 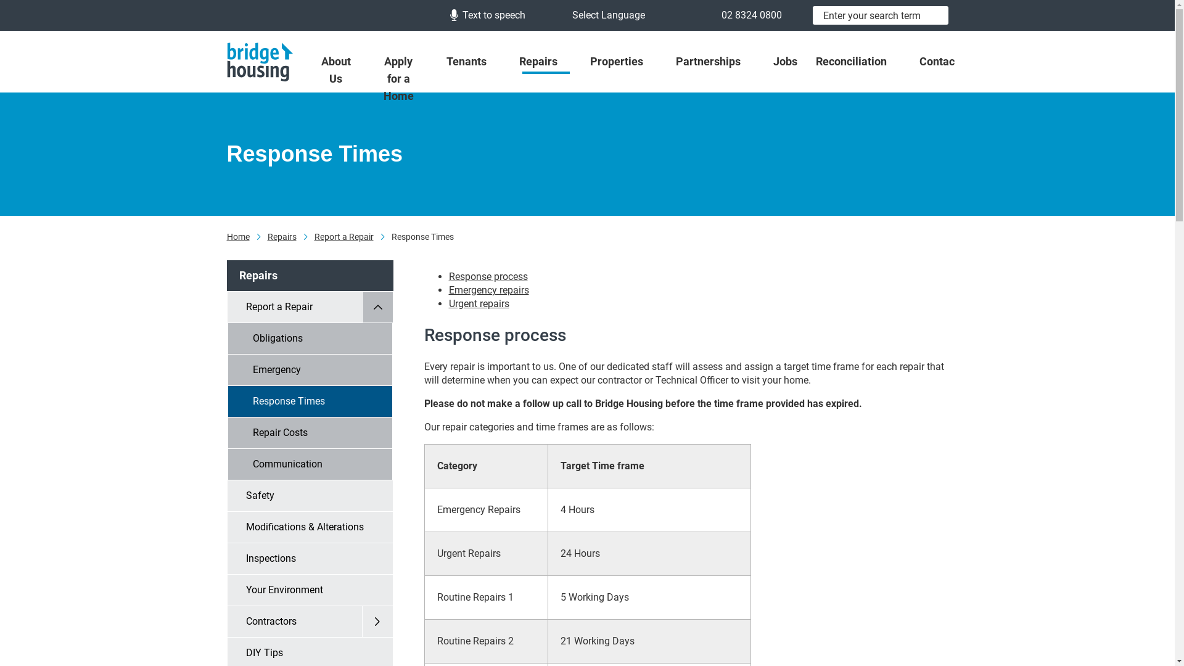 I want to click on 'Inspections', so click(x=310, y=559).